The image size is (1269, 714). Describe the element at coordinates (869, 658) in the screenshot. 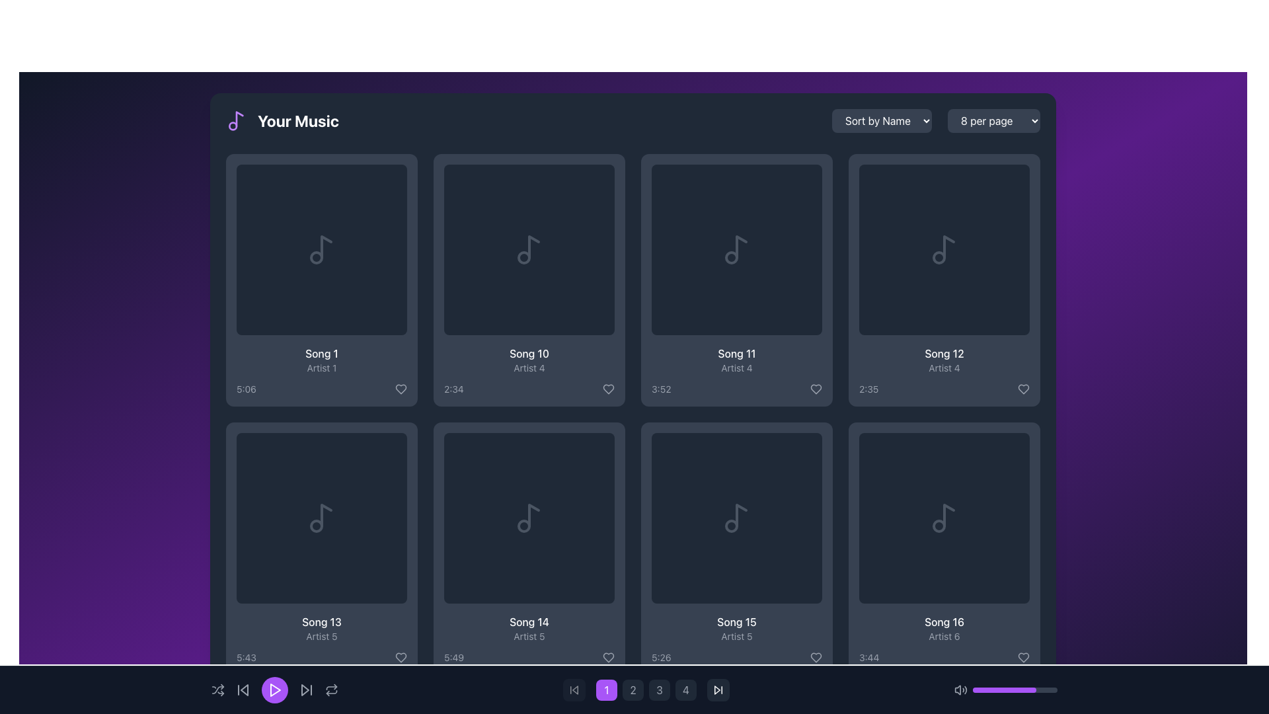

I see `the text label displaying the time '3:44', which is styled in gray and positioned below 'Song 16' in the grid layout of songs` at that location.